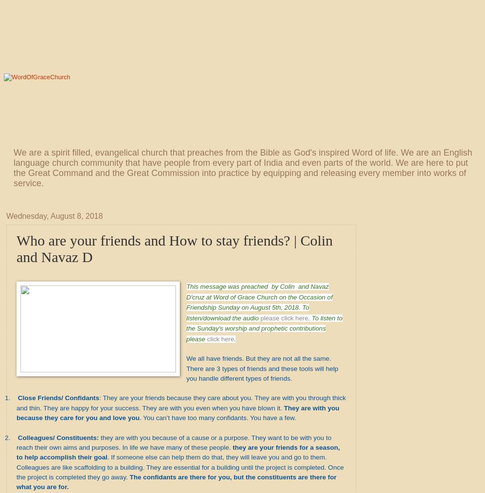 This screenshot has height=493, width=485. I want to click on 'o listen to the Sunday's worship and prophetic contributions please', so click(264, 328).